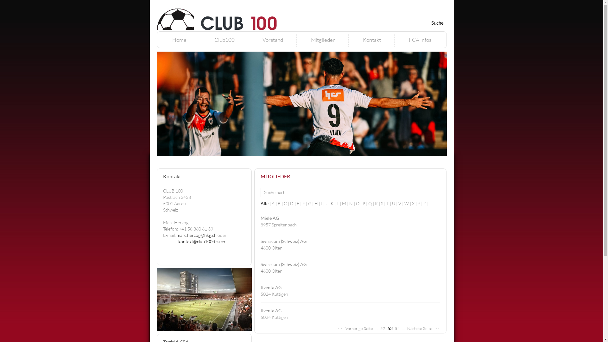 Image resolution: width=608 pixels, height=342 pixels. Describe the element at coordinates (287, 203) in the screenshot. I see `'C'` at that location.